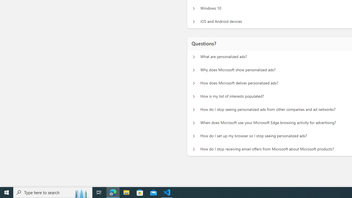  What do you see at coordinates (194, 8) in the screenshot?
I see `'Manage personalized ads on your device Windows 10'` at bounding box center [194, 8].